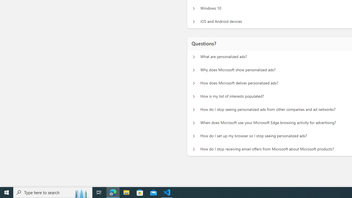  What do you see at coordinates (194, 8) in the screenshot?
I see `'Manage personalized ads on your device Windows 10'` at bounding box center [194, 8].